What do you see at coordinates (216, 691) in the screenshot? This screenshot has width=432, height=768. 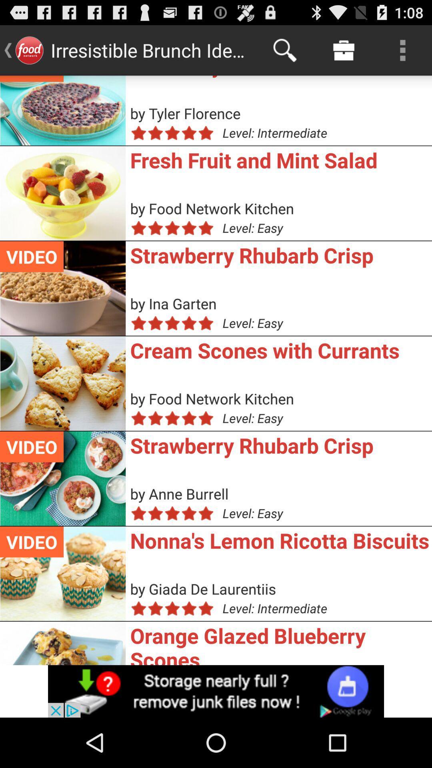 I see `advert banner` at bounding box center [216, 691].